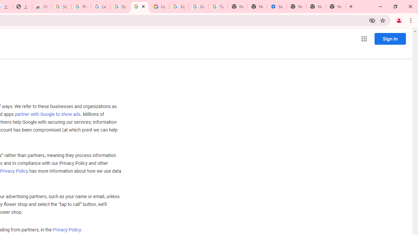 The height and width of the screenshot is (235, 418). Describe the element at coordinates (61, 7) in the screenshot. I see `'Sign in - Google Accounts'` at that location.